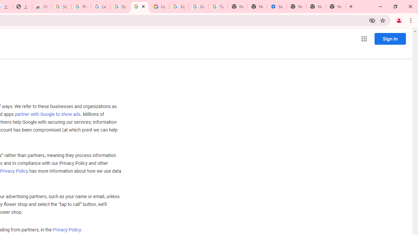 The height and width of the screenshot is (235, 418). Describe the element at coordinates (61, 7) in the screenshot. I see `'Sign in - Google Accounts'` at that location.